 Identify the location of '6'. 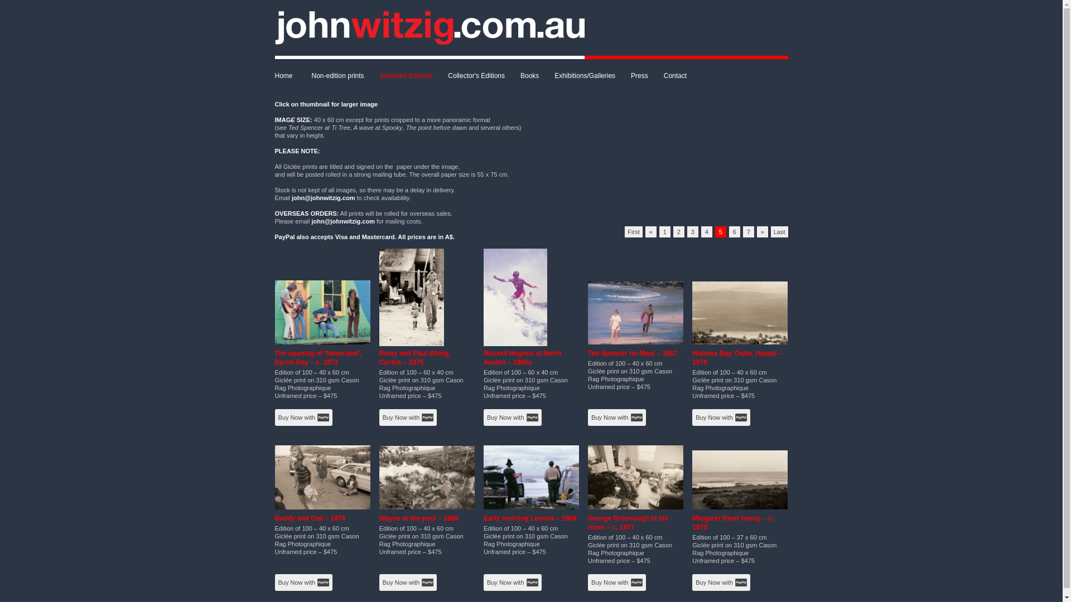
(729, 231).